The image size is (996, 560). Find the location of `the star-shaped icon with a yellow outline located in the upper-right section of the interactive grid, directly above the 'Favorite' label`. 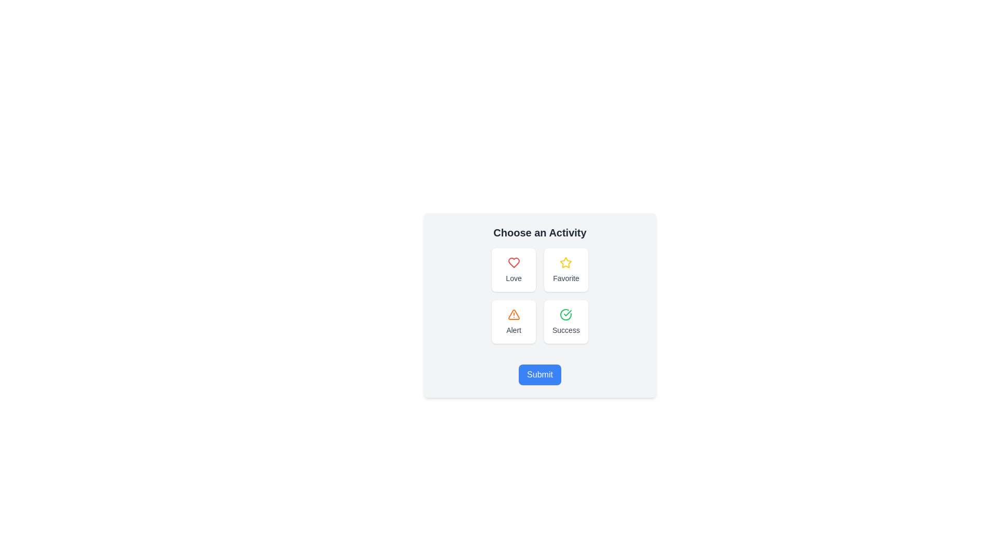

the star-shaped icon with a yellow outline located in the upper-right section of the interactive grid, directly above the 'Favorite' label is located at coordinates (565, 262).